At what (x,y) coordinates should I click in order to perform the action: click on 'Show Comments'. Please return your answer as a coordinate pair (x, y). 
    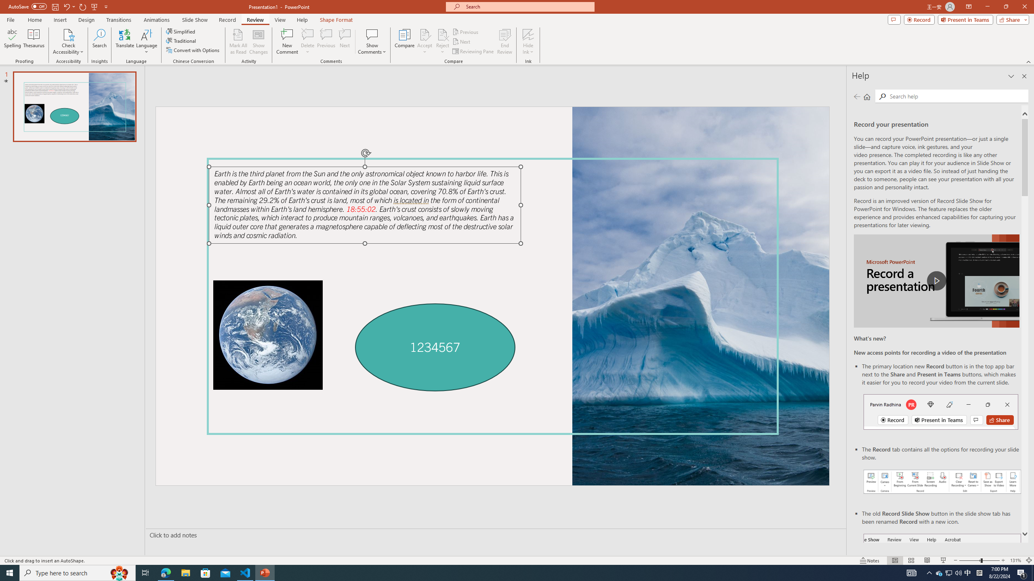
    Looking at the image, I should click on (372, 42).